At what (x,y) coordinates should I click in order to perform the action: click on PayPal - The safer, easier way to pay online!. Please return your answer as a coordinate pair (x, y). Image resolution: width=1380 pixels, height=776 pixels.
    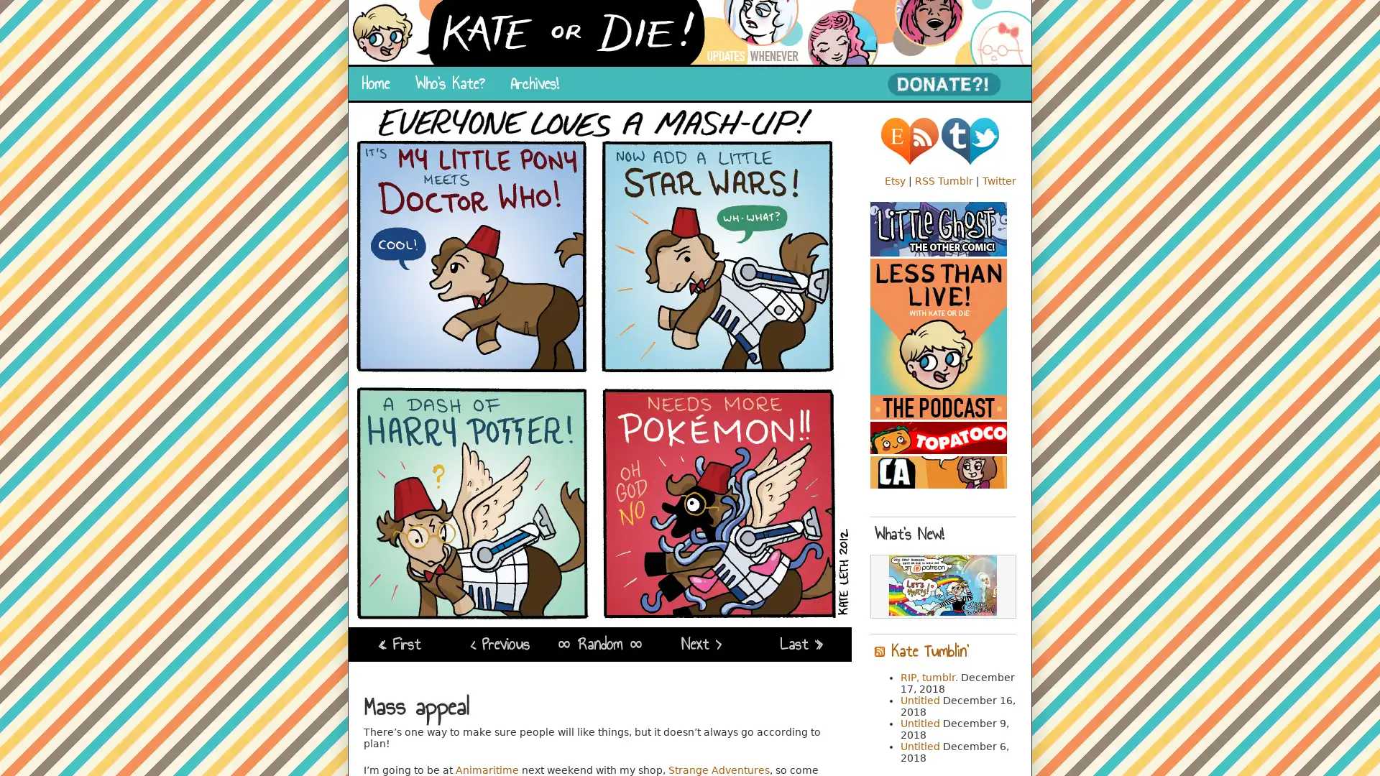
    Looking at the image, I should click on (943, 84).